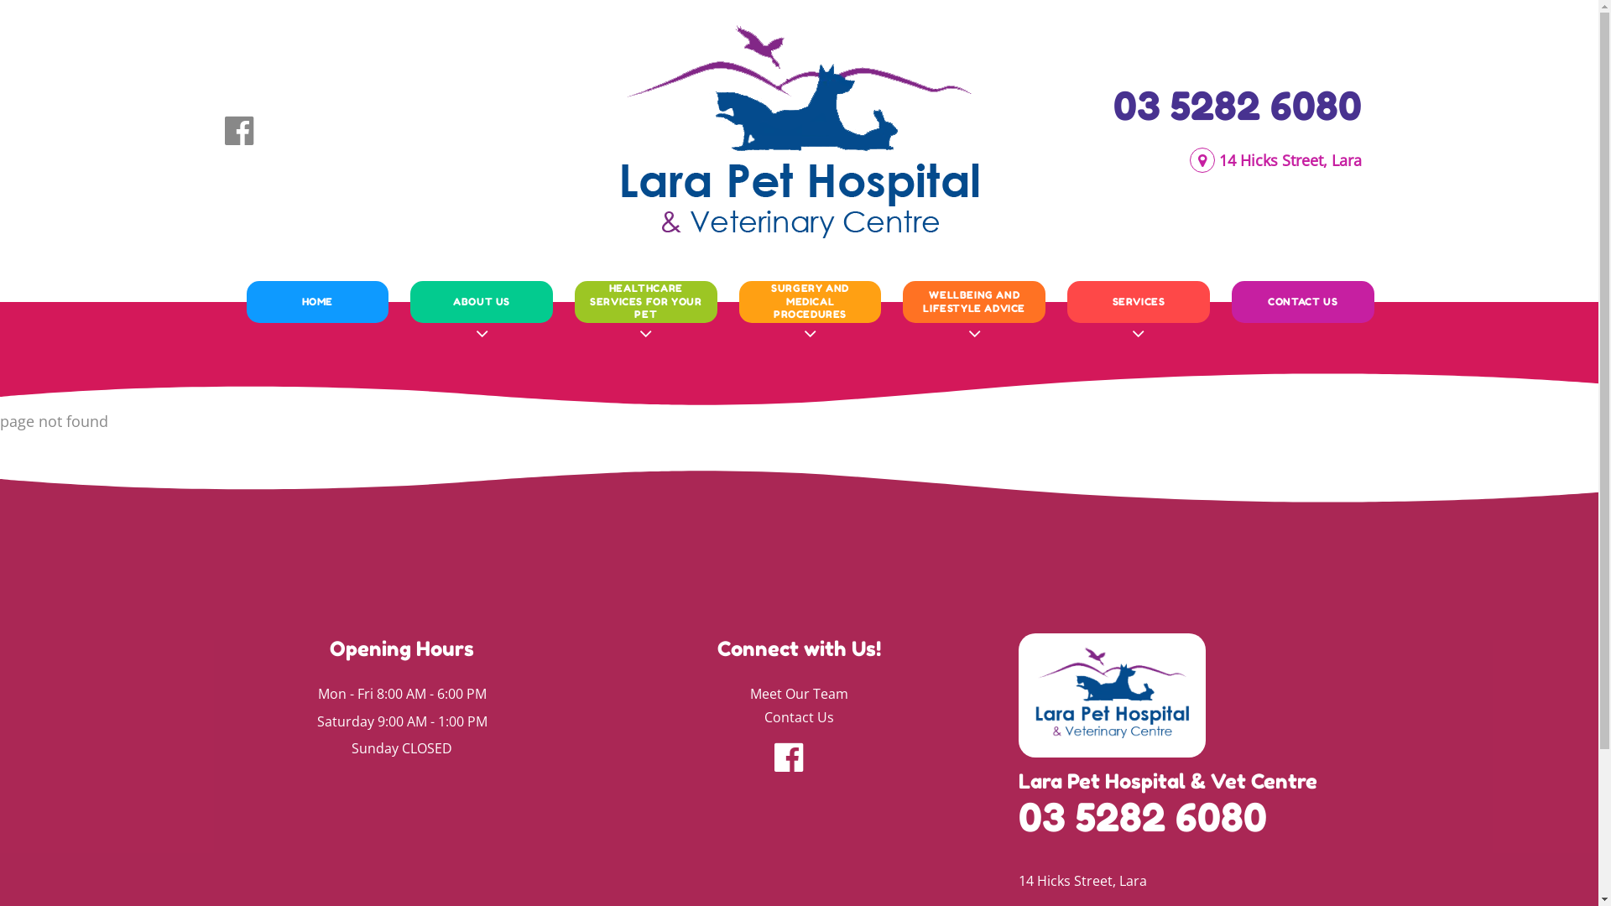  I want to click on 'HEALTHCARE SERVICES FOR YOUR PET', so click(585, 299).